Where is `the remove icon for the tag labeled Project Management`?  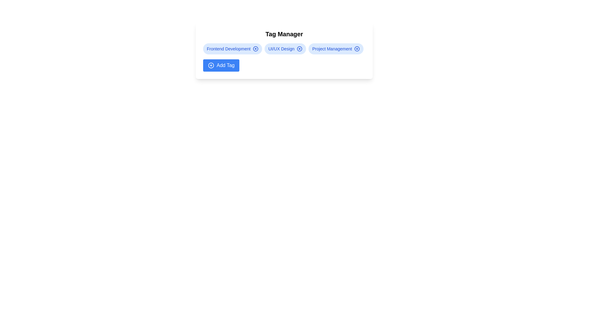 the remove icon for the tag labeled Project Management is located at coordinates (357, 48).